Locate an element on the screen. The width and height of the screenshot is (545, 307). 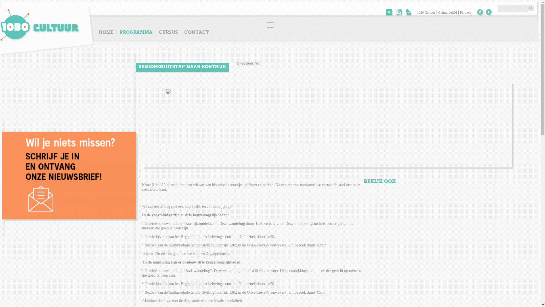
'Facebook' is located at coordinates (477, 12).